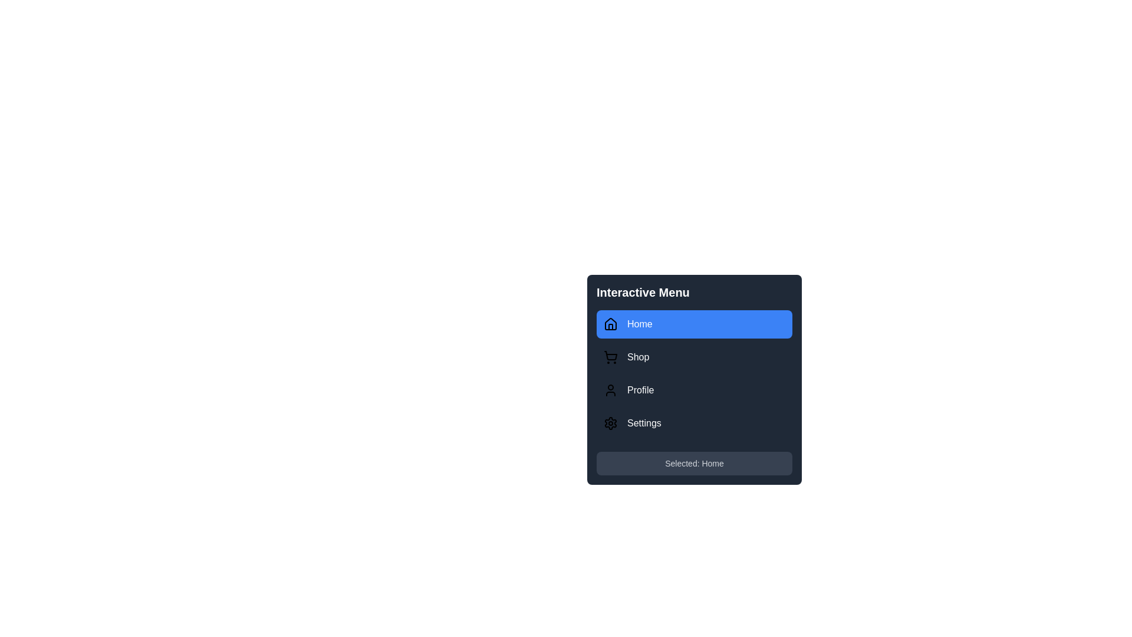  What do you see at coordinates (643, 422) in the screenshot?
I see `the 'Settings' text label menu item` at bounding box center [643, 422].